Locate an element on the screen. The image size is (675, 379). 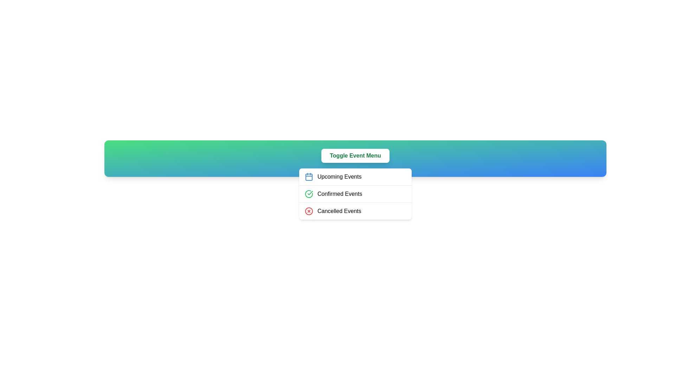
the 'Confirmed Events' option in the menu is located at coordinates (355, 193).